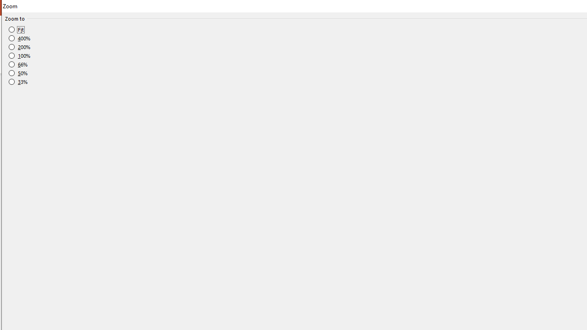 The height and width of the screenshot is (330, 587). What do you see at coordinates (20, 56) in the screenshot?
I see `'100%'` at bounding box center [20, 56].